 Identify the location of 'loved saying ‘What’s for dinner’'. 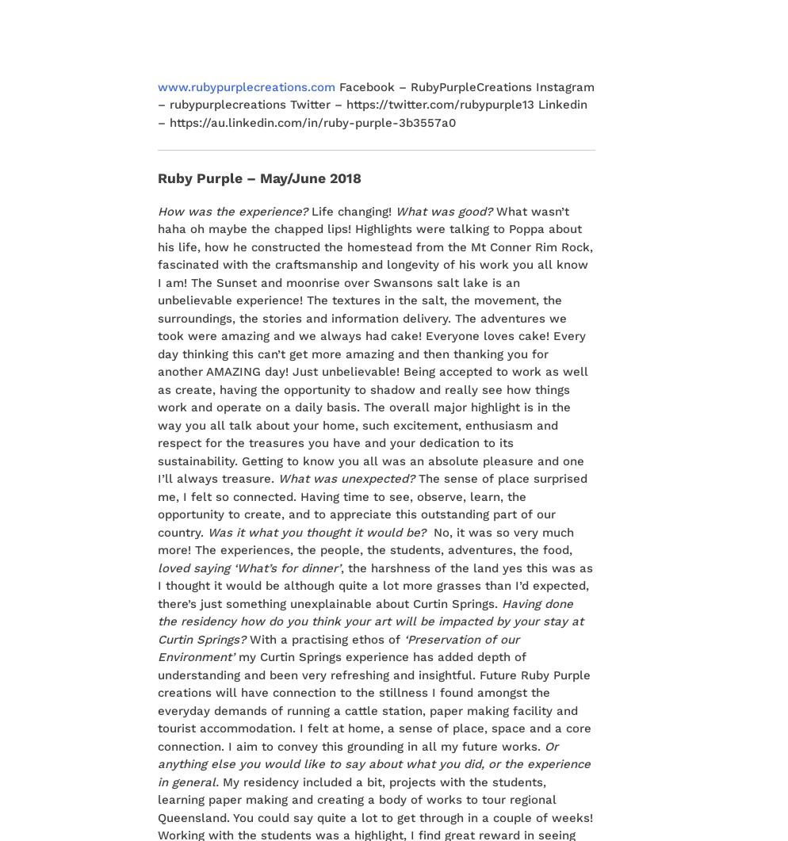
(249, 567).